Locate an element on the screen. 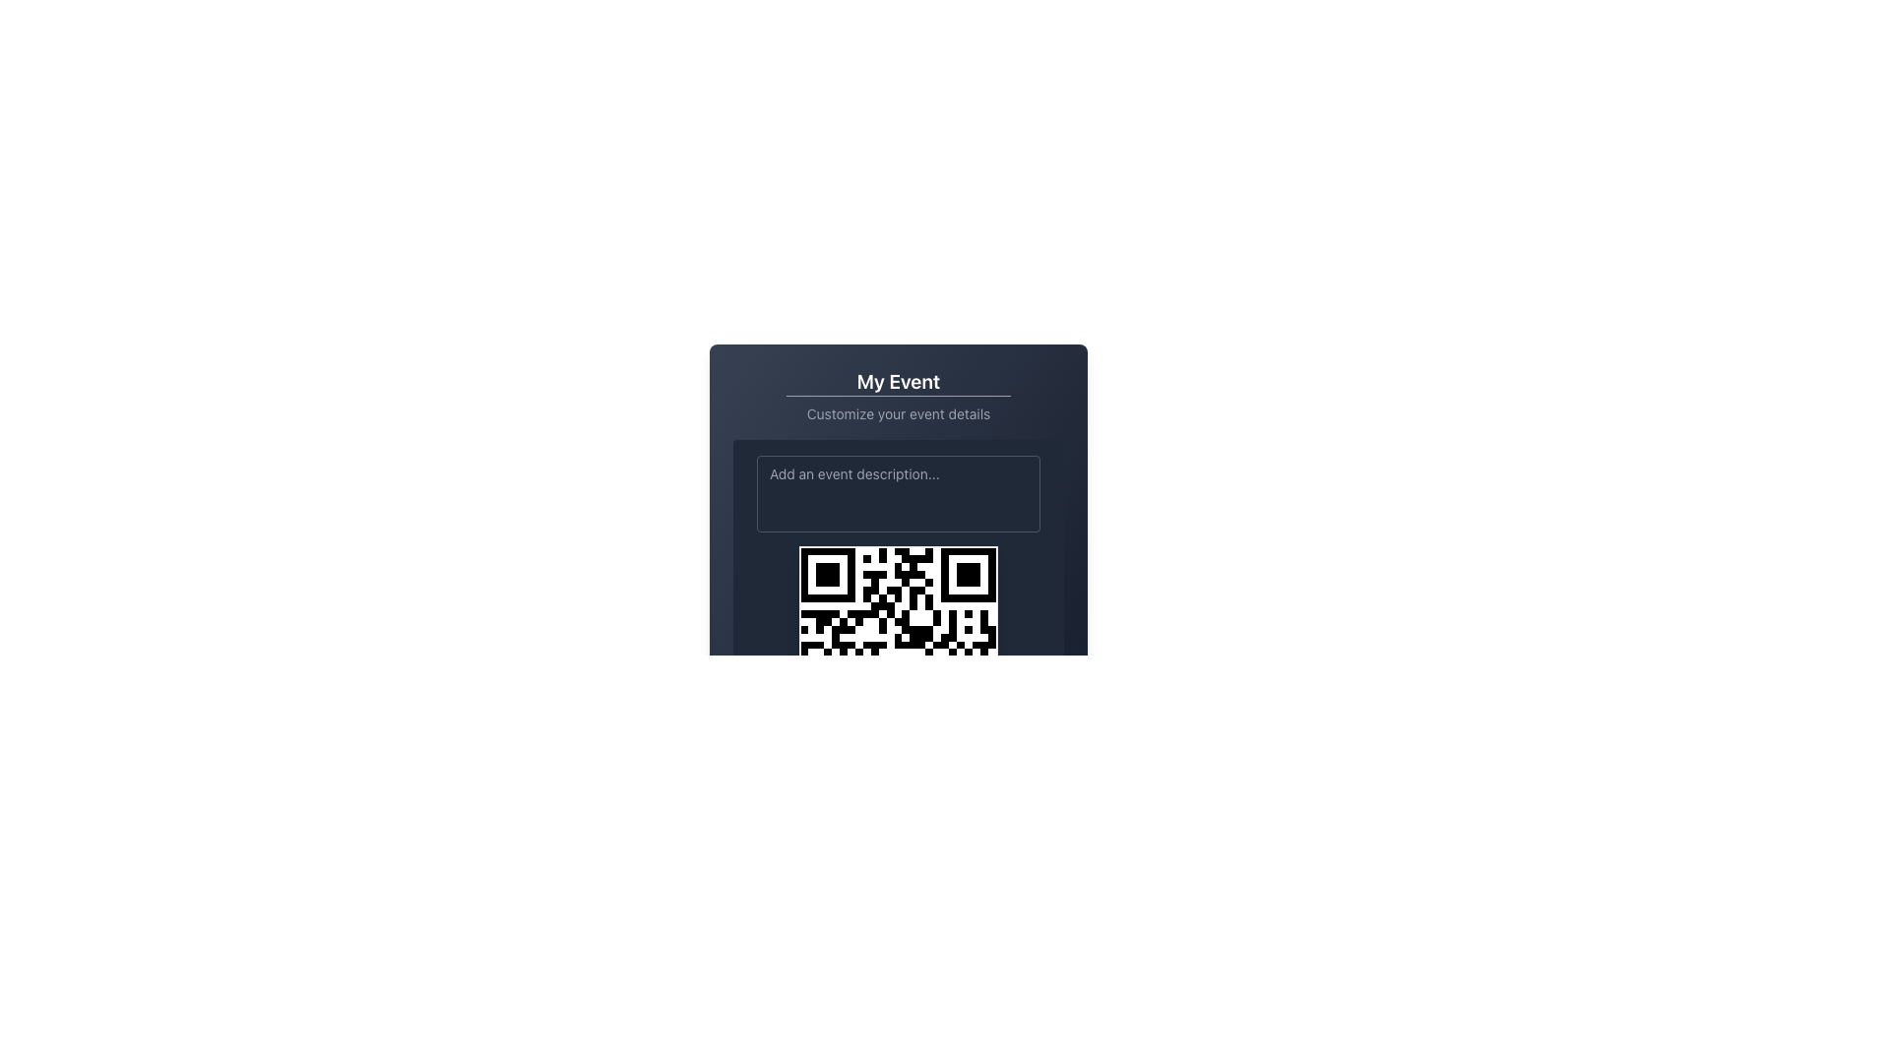 The image size is (1890, 1063). the Text Label that says 'Customize your event details', which is styled with a small gray font and positioned below the 'My Event' title is located at coordinates (897, 412).